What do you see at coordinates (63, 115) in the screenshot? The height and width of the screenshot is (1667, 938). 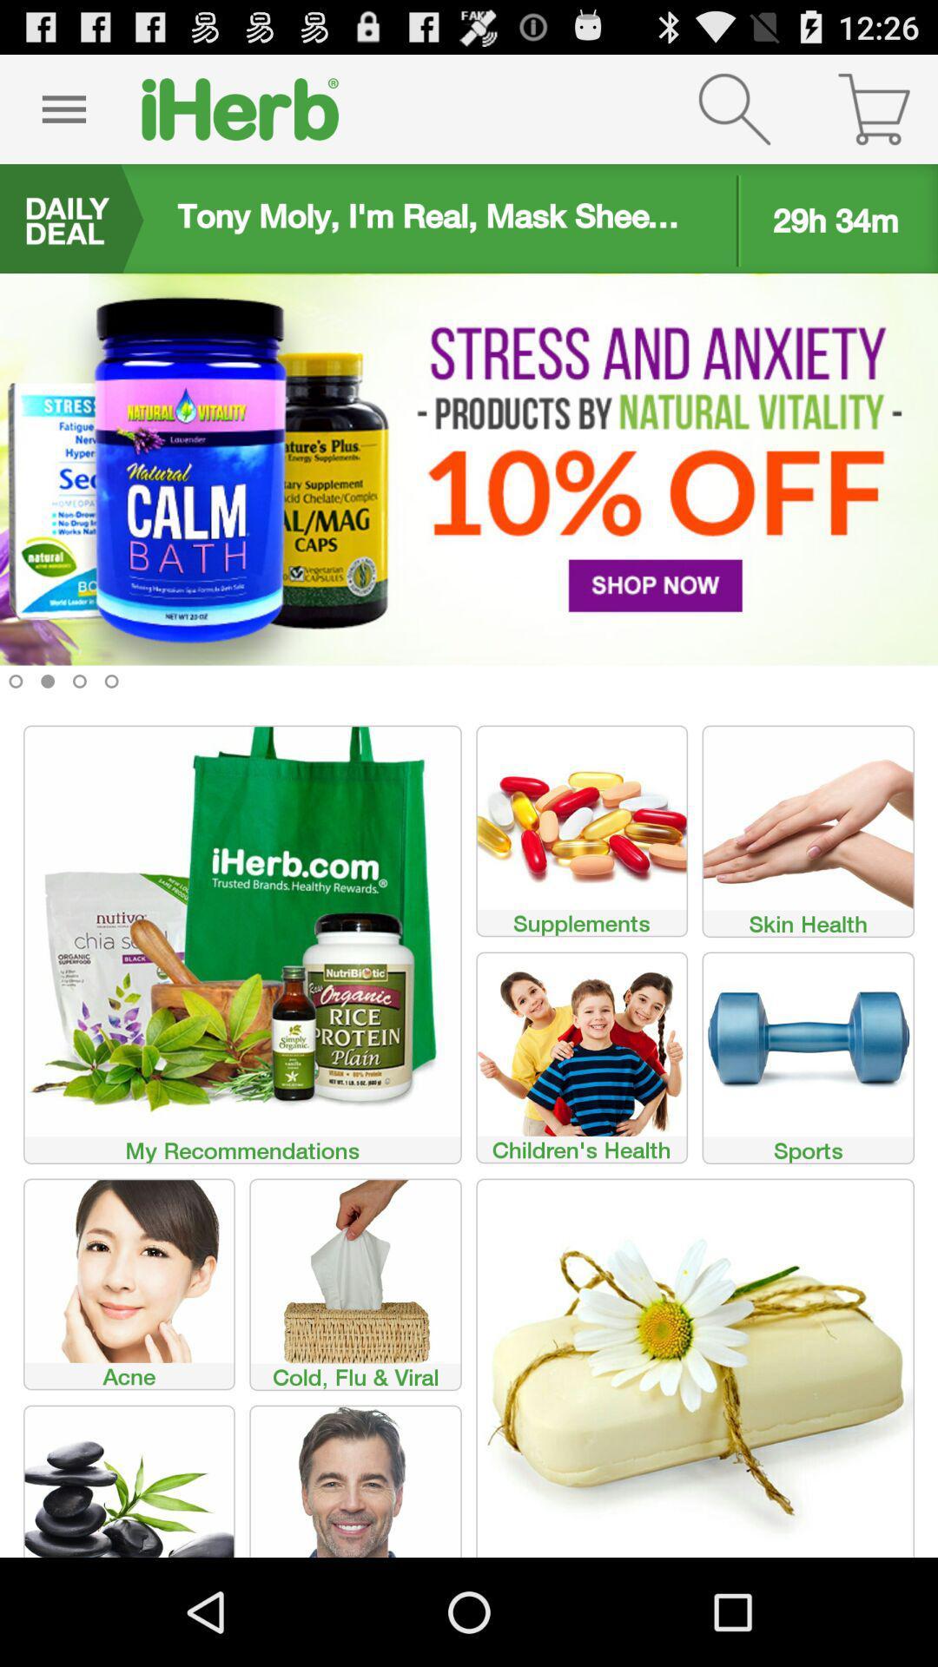 I see `the menu icon` at bounding box center [63, 115].